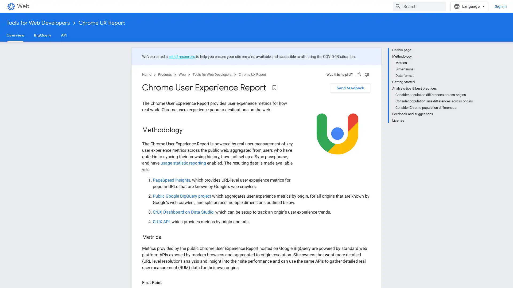  Describe the element at coordinates (359, 75) in the screenshot. I see `Helpful` at that location.